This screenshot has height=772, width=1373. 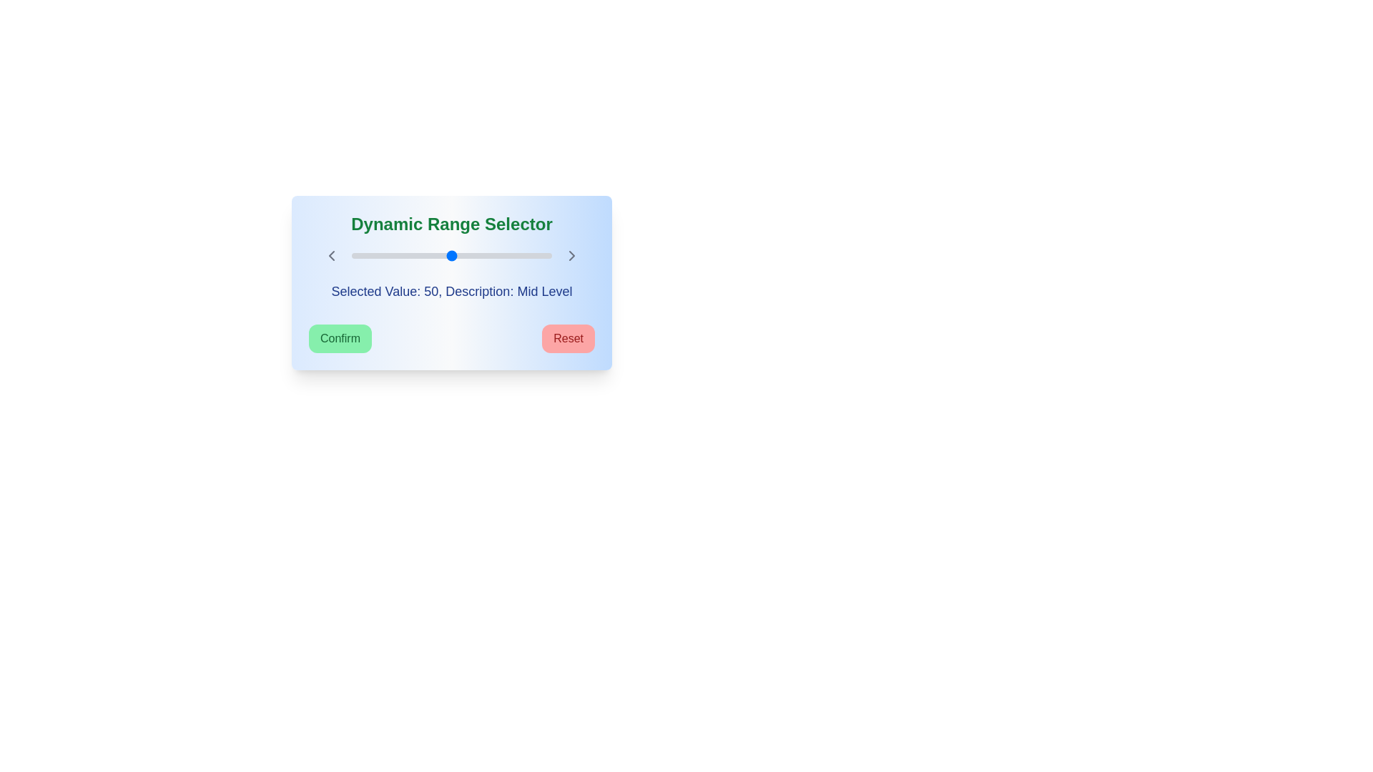 What do you see at coordinates (572, 255) in the screenshot?
I see `the right-chevron icon button located on the rightmost side of the horizontal layout` at bounding box center [572, 255].